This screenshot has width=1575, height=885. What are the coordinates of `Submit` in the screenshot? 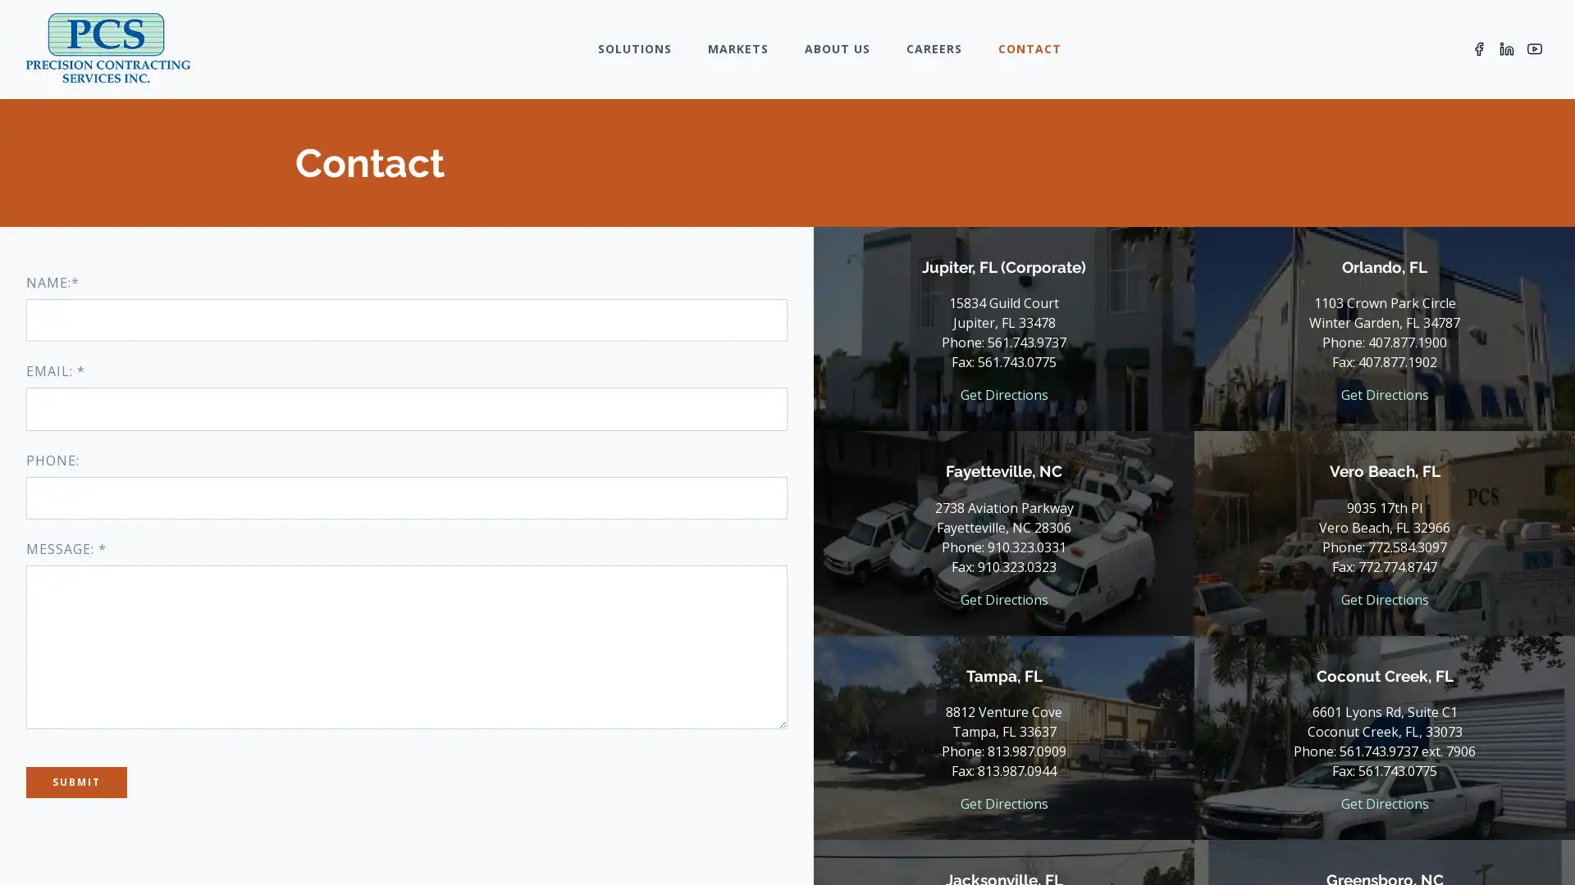 It's located at (75, 781).